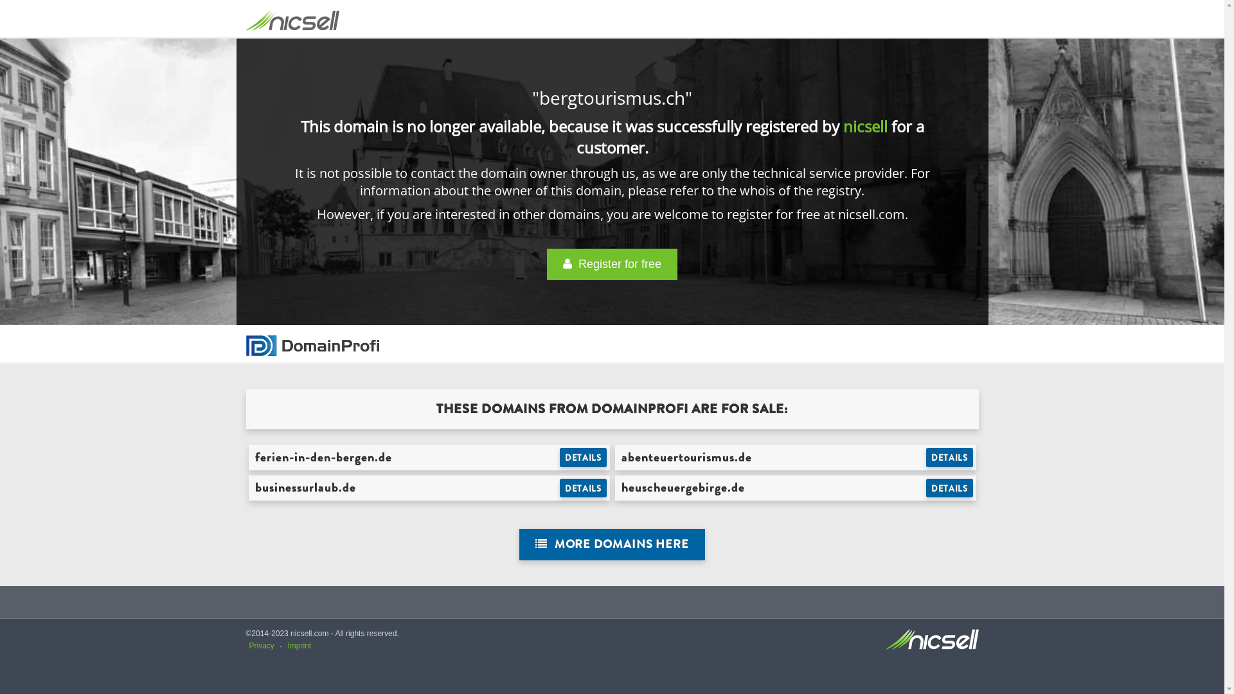  What do you see at coordinates (261, 646) in the screenshot?
I see `'Privacy'` at bounding box center [261, 646].